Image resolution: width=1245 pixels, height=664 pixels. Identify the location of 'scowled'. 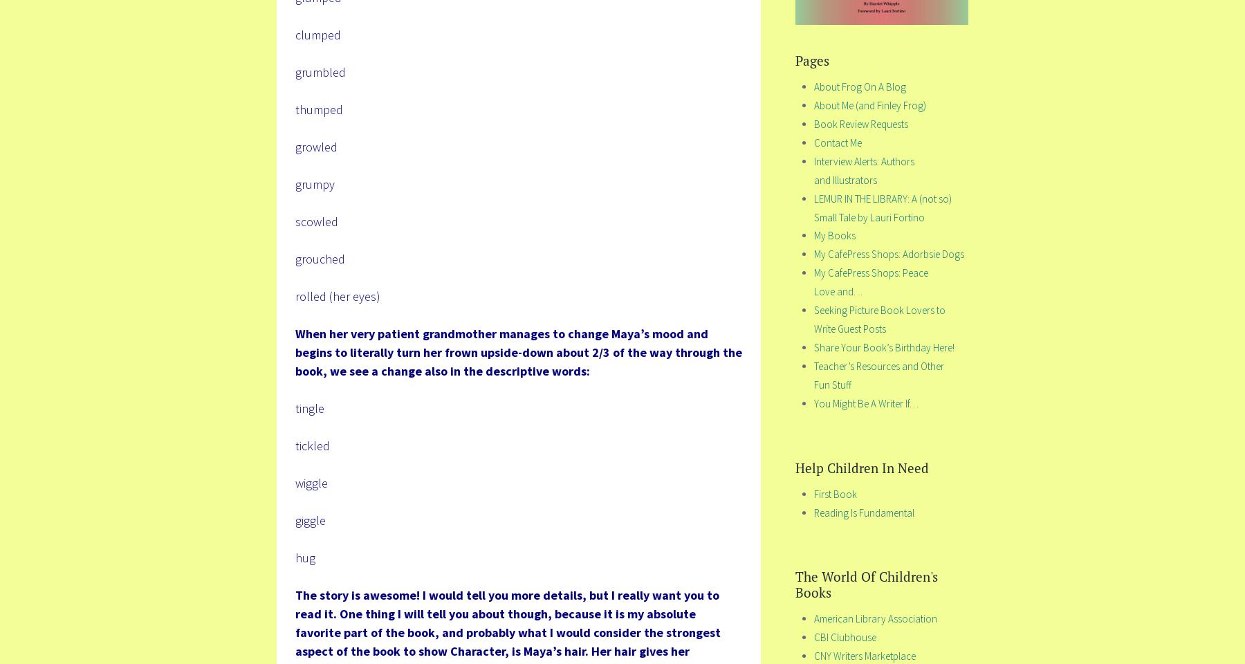
(315, 221).